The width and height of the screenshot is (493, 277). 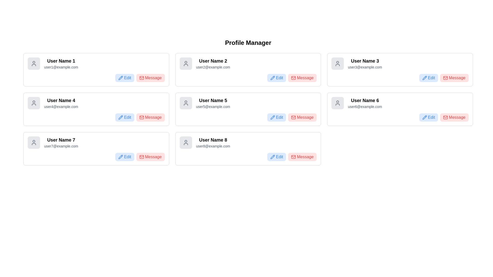 What do you see at coordinates (96, 117) in the screenshot?
I see `the 'Message' button in the button group located at the bottom-right corner inside the box labeled 'User Name 4' and 'user4@example.com'` at bounding box center [96, 117].